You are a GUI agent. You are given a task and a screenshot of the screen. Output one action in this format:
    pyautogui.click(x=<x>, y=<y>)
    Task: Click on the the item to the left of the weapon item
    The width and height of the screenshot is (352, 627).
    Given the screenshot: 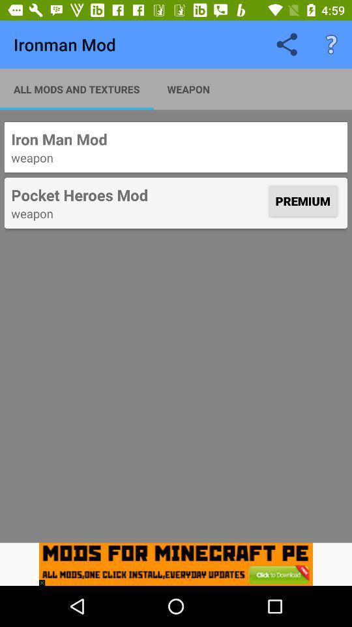 What is the action you would take?
    pyautogui.click(x=76, y=88)
    